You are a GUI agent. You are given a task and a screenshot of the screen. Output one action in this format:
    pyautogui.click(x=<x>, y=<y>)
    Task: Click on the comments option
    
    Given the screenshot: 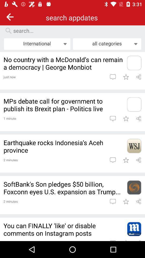 What is the action you would take?
    pyautogui.click(x=113, y=77)
    